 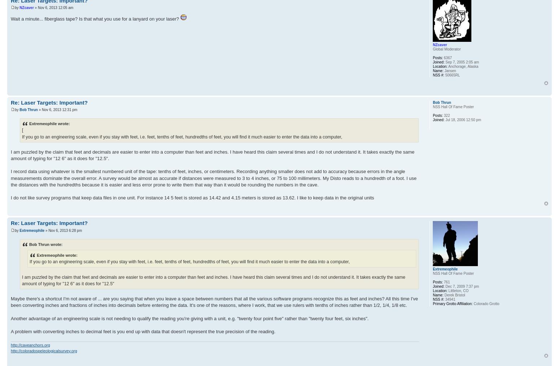 What do you see at coordinates (44, 230) in the screenshot?
I see `'» Nov 6, 2013 6:28 pm'` at bounding box center [44, 230].